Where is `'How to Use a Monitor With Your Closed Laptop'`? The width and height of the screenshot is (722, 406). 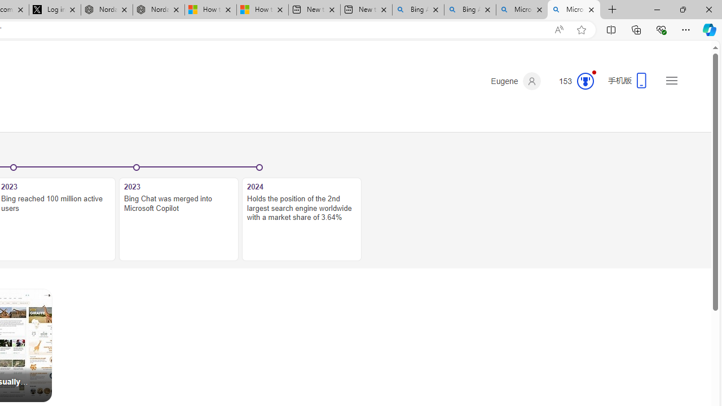 'How to Use a Monitor With Your Closed Laptop' is located at coordinates (262, 10).